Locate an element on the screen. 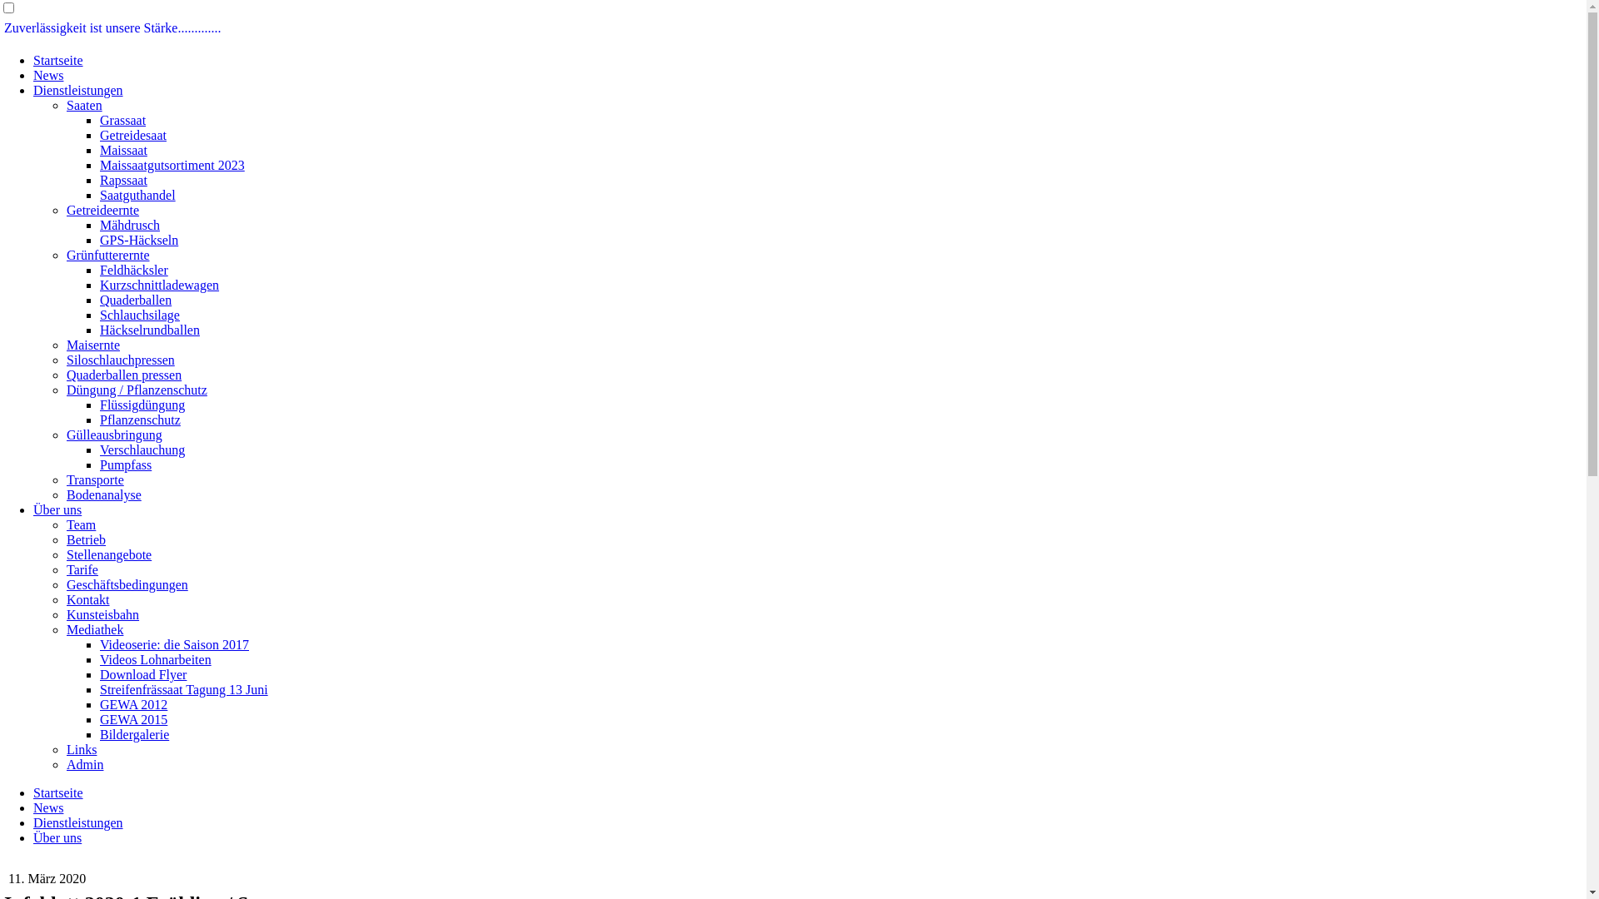  'Bodenanalyse' is located at coordinates (102, 494).